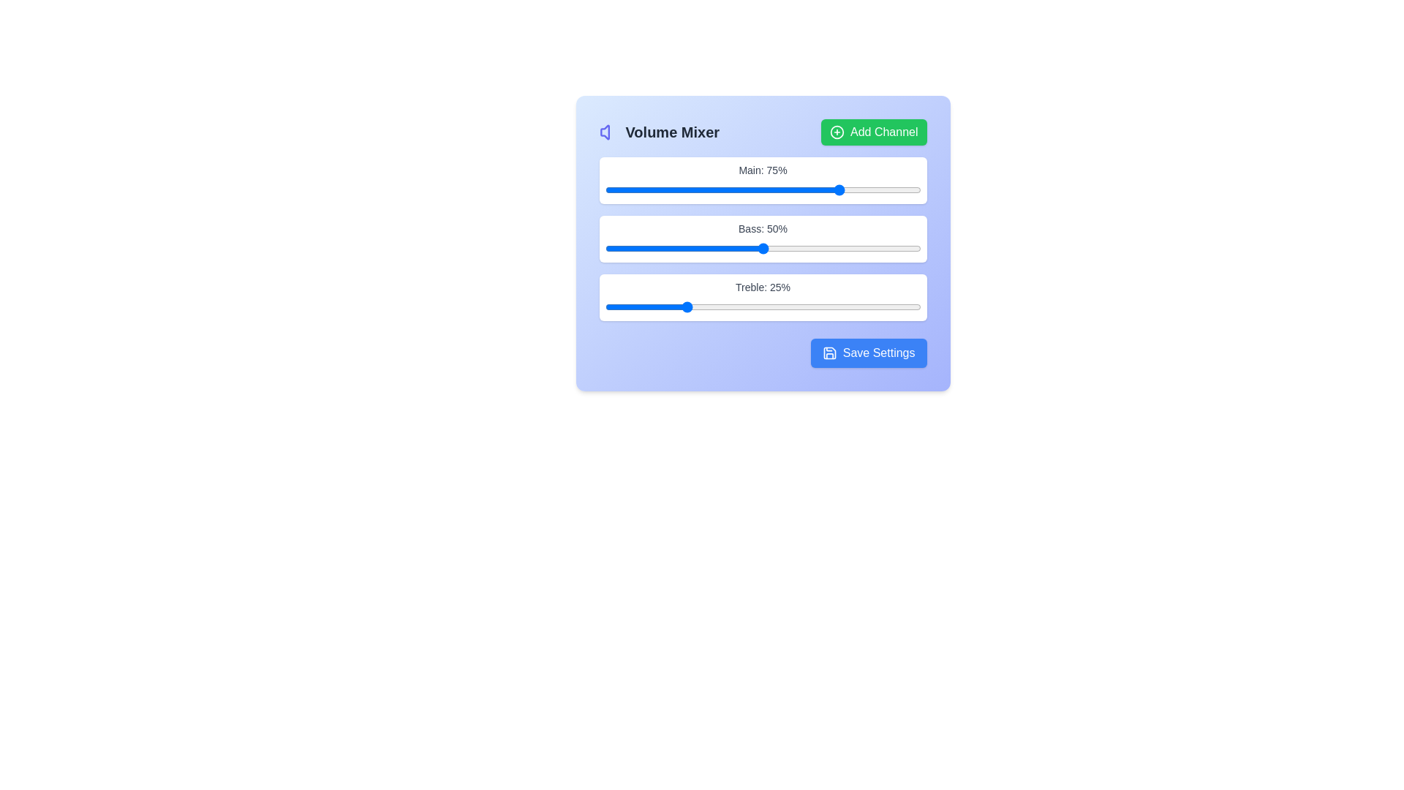  Describe the element at coordinates (658, 132) in the screenshot. I see `displayed text of the 'Volume Mixer' label, which is bold and black, located at the top-left corner of the card-like component` at that location.